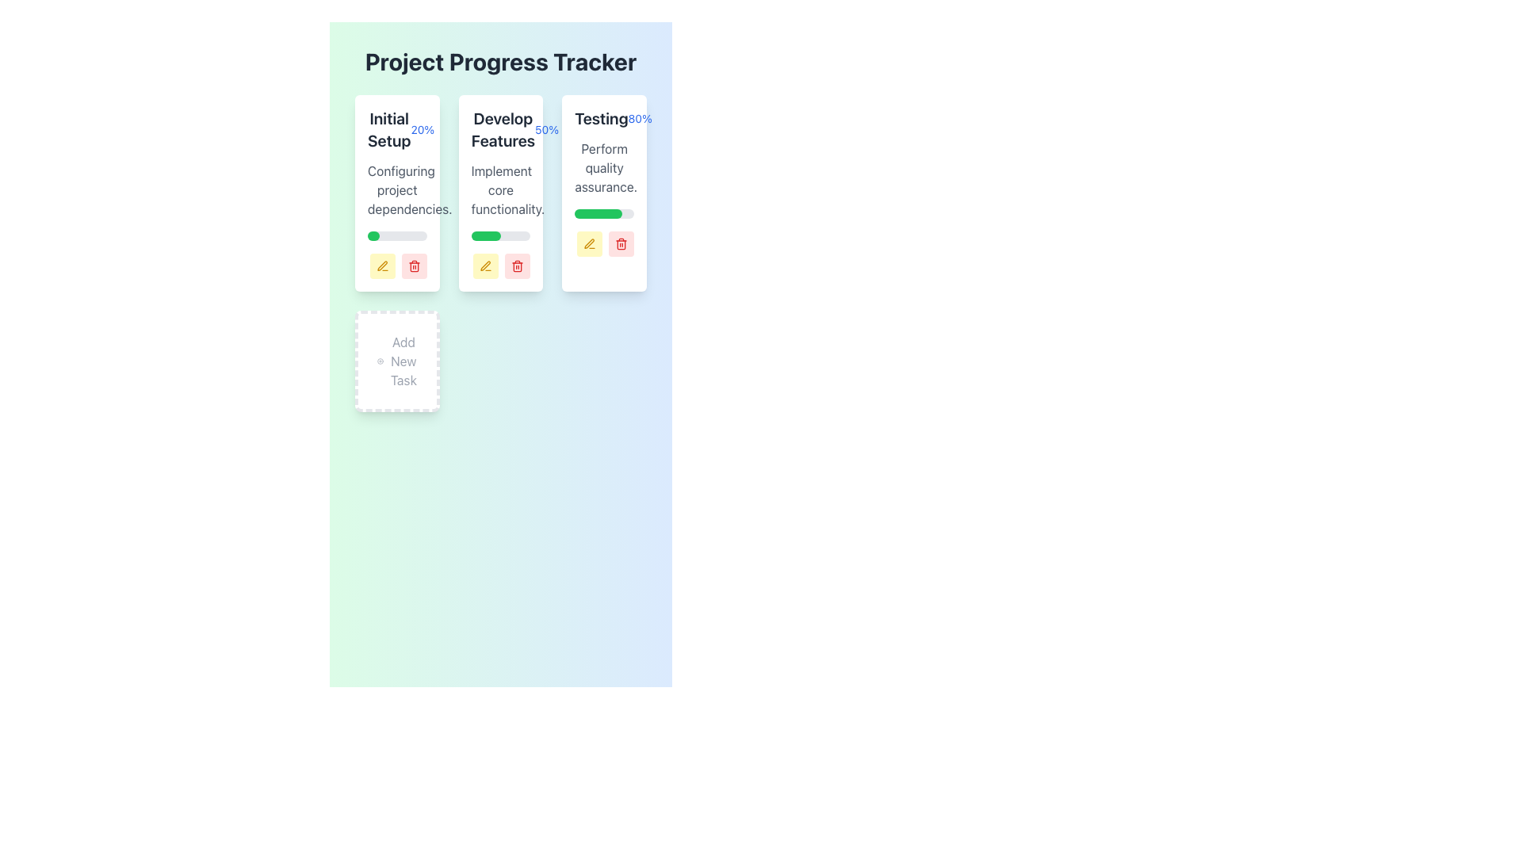 This screenshot has width=1522, height=856. I want to click on the progress status text label of the 'Develop Features' section, which is positioned at the top right of this section, near the section title, so click(547, 129).